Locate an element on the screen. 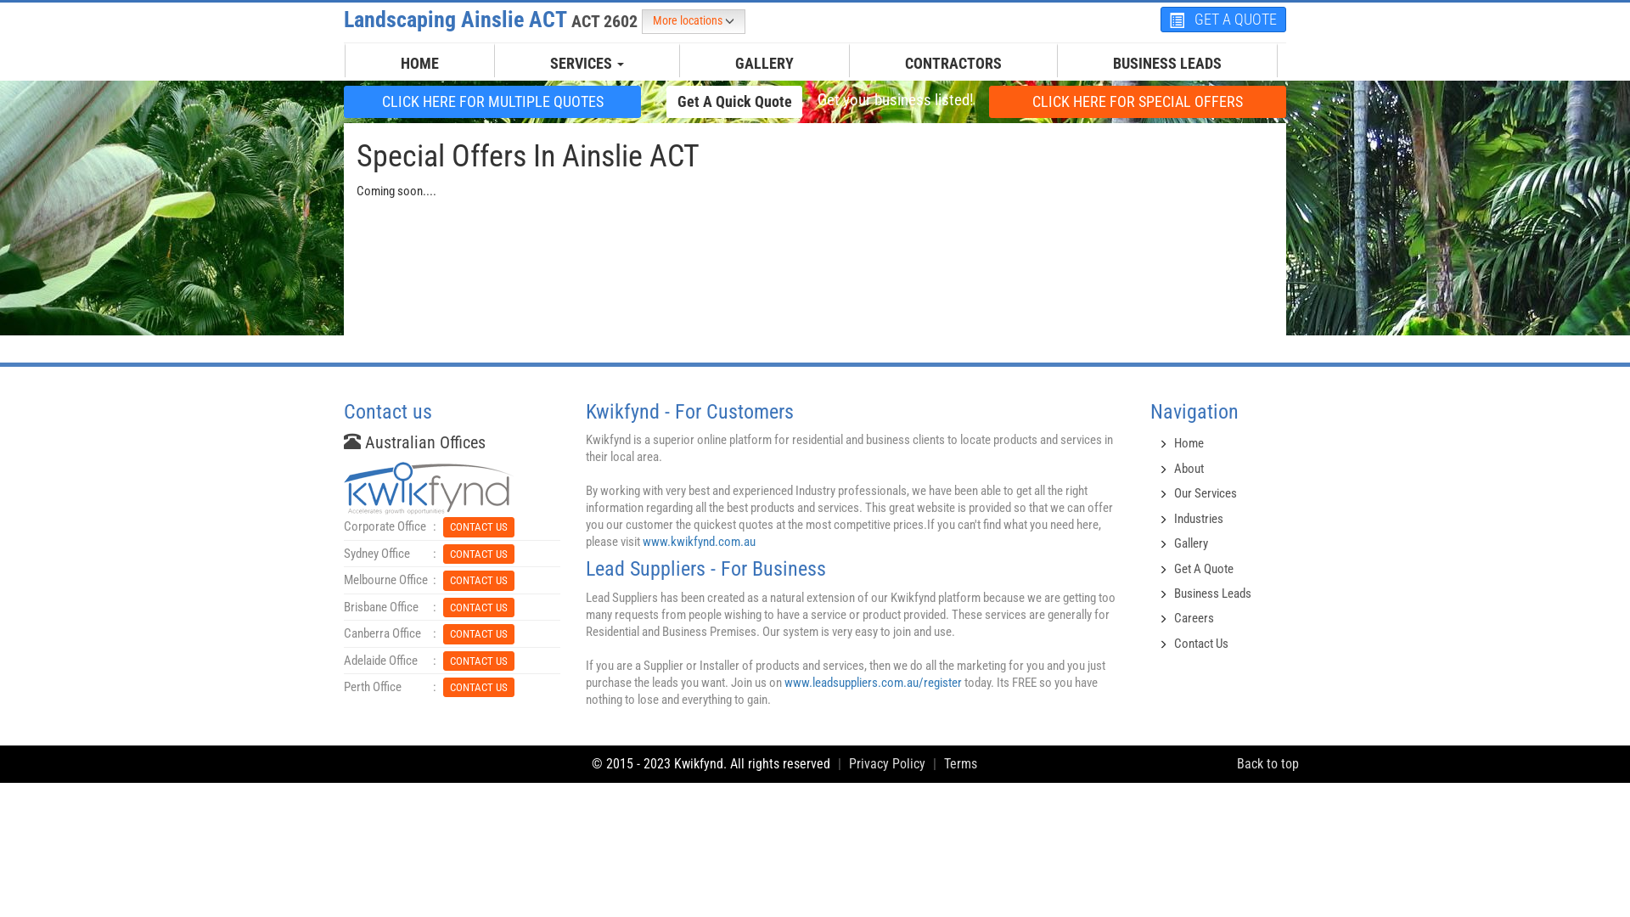 The width and height of the screenshot is (1630, 917). 'Get A Quick Quote' is located at coordinates (733, 101).